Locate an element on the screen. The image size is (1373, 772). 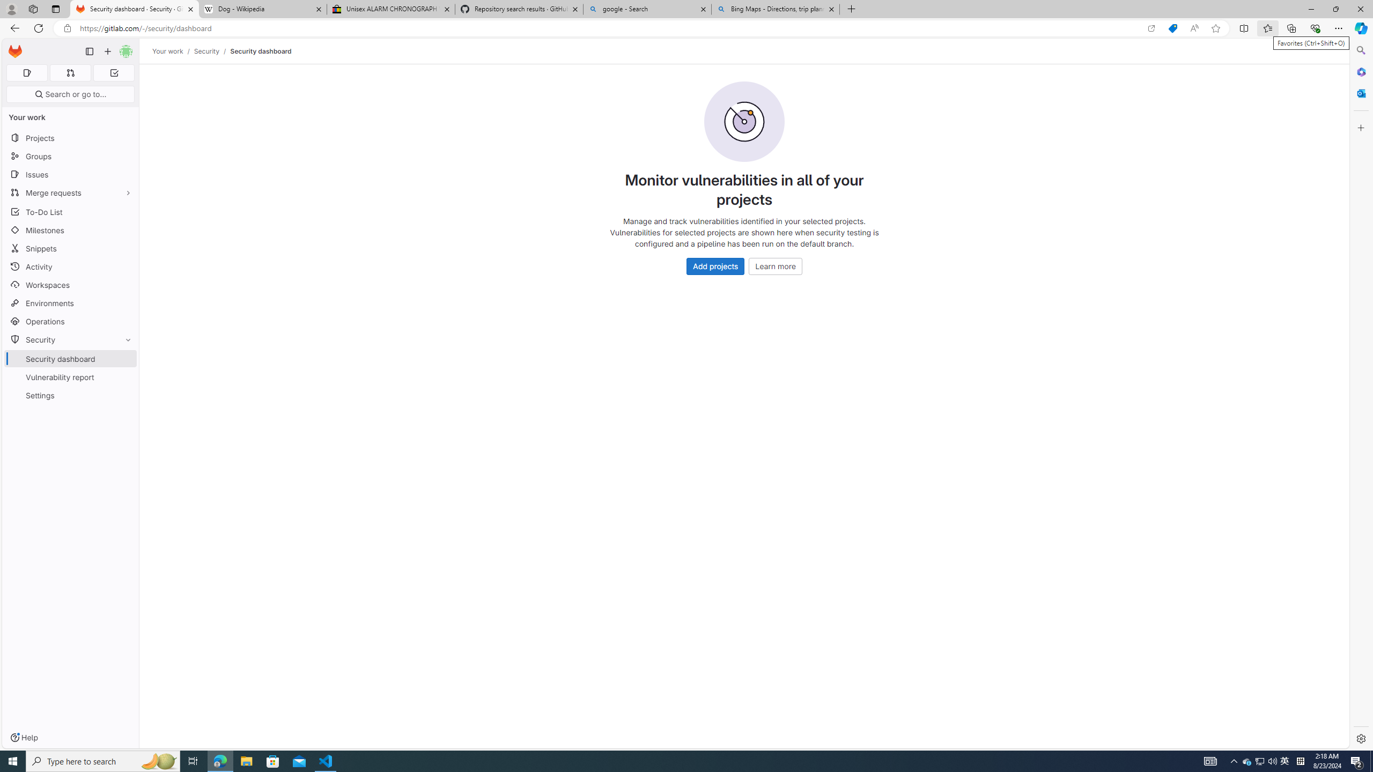
'Security' is located at coordinates (206, 51).